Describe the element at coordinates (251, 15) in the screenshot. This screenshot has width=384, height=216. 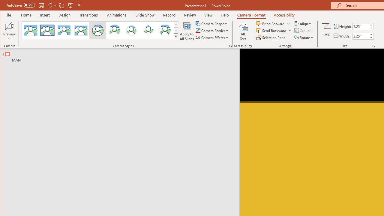
I see `'Camera Format'` at that location.